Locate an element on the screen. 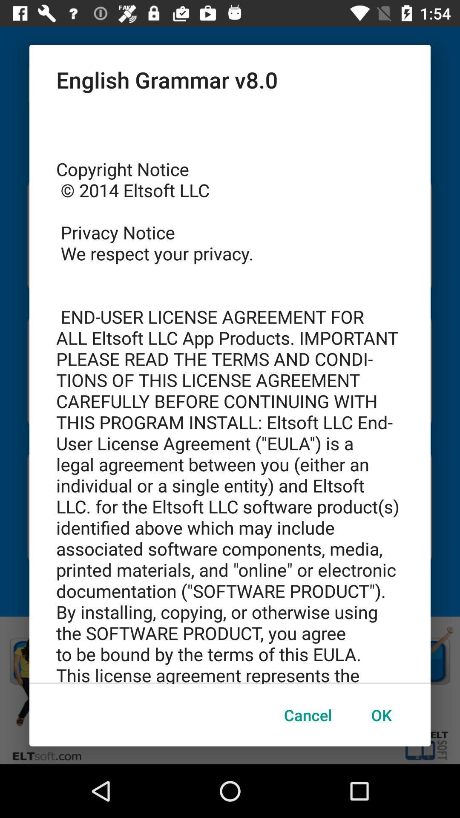  the ok button is located at coordinates (381, 715).